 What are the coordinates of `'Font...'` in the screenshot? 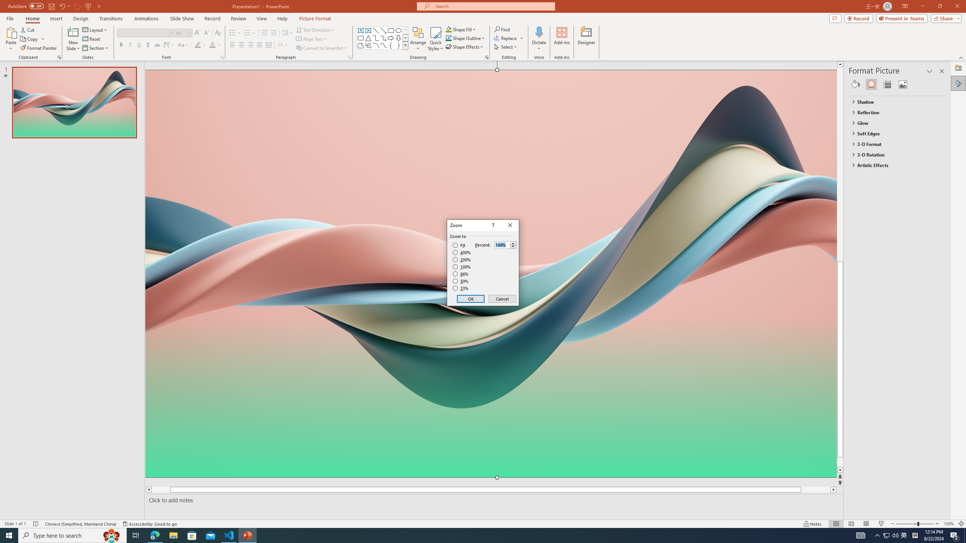 It's located at (222, 57).